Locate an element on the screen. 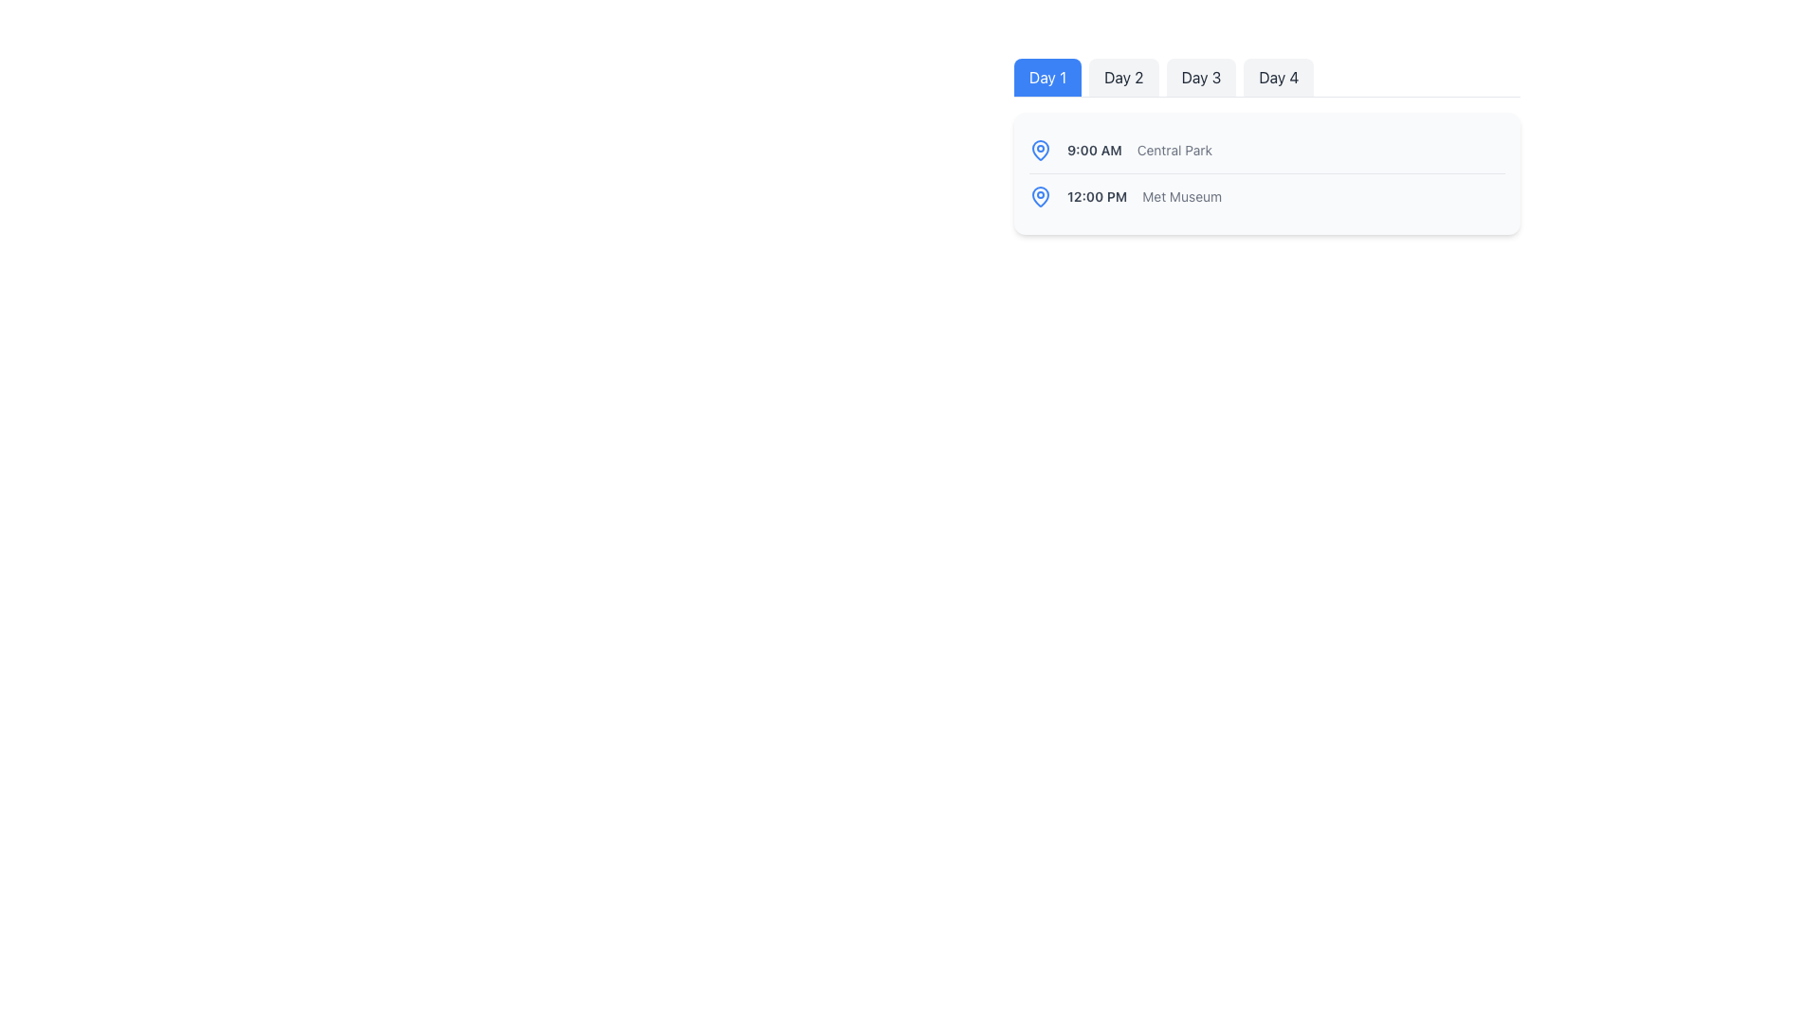 This screenshot has height=1023, width=1820. the text label that describes the location associated with '12:00 PM', positioned on the right side of the time text is located at coordinates (1181, 197).